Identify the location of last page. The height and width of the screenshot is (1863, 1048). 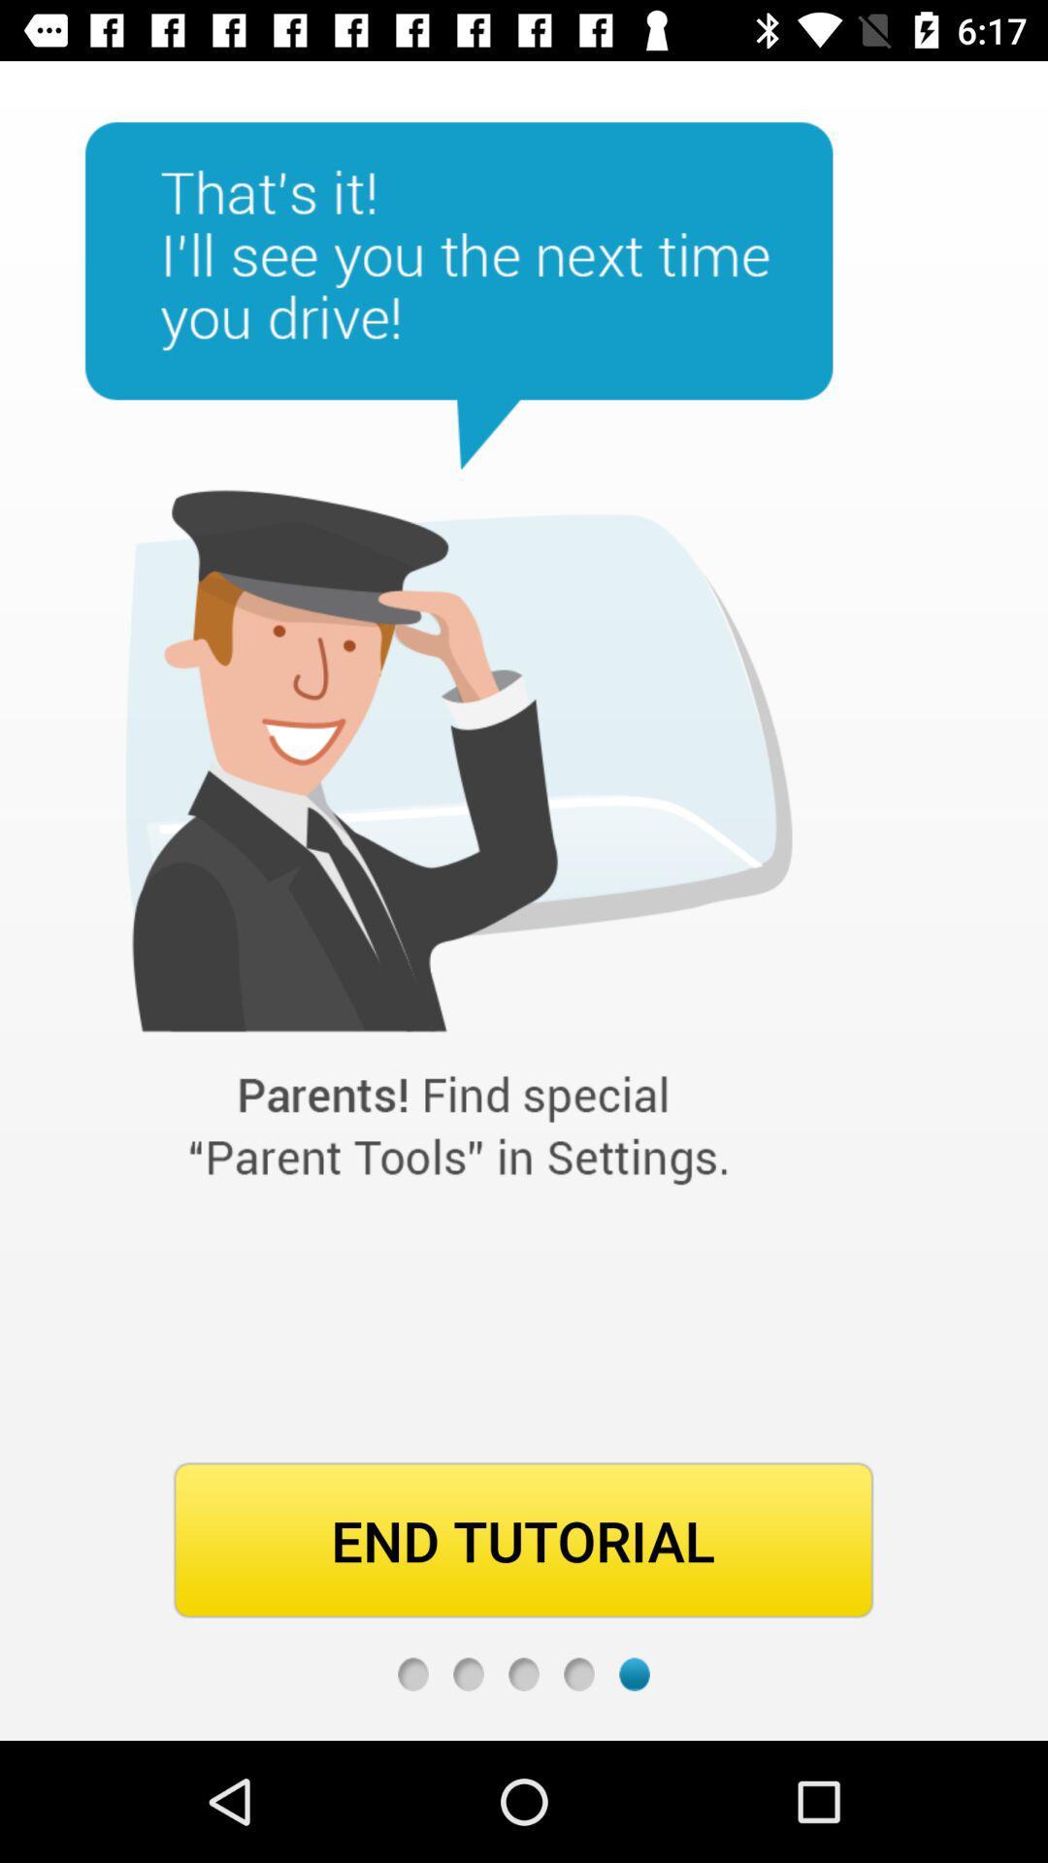
(635, 1673).